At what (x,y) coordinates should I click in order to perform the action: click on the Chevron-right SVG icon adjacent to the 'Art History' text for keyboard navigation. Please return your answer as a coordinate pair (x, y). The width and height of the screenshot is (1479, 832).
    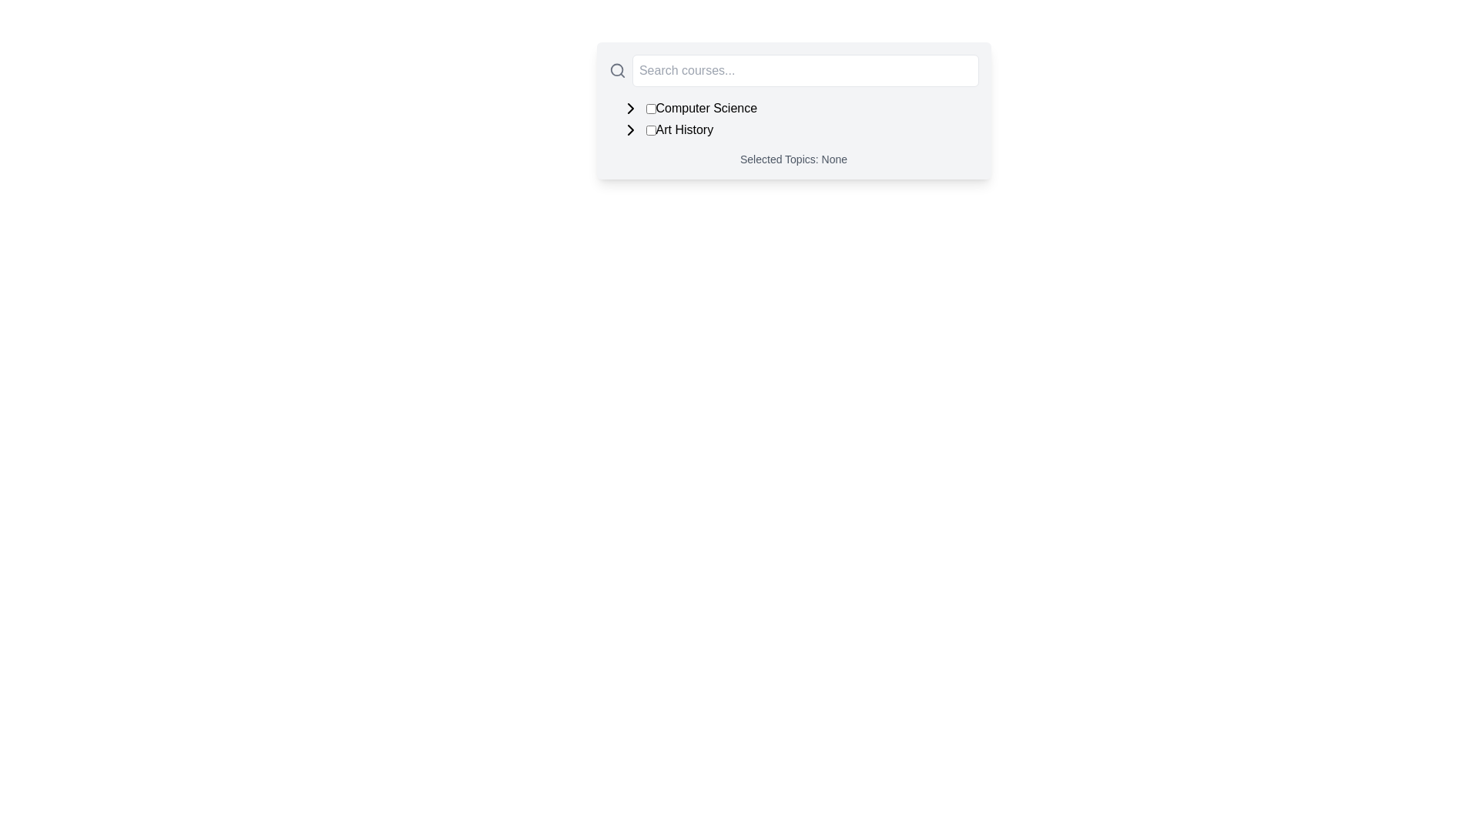
    Looking at the image, I should click on (630, 108).